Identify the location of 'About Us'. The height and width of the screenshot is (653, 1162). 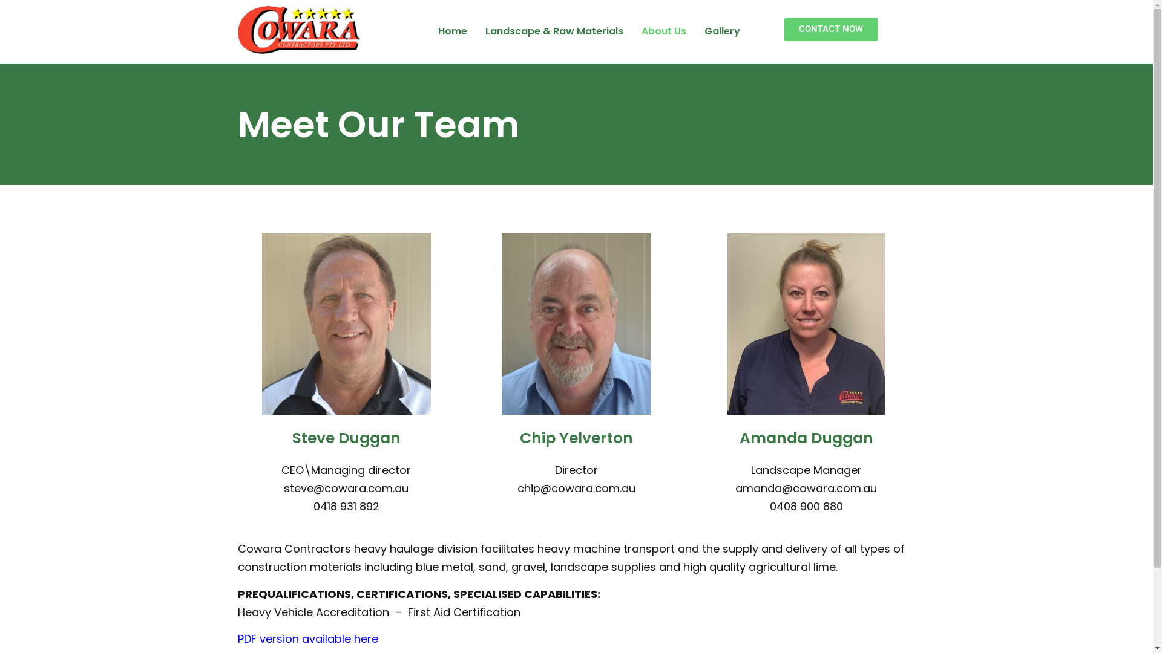
(632, 30).